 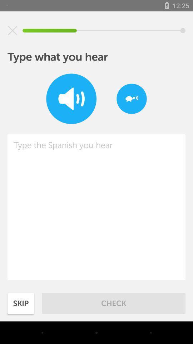 What do you see at coordinates (13, 30) in the screenshot?
I see `exit` at bounding box center [13, 30].